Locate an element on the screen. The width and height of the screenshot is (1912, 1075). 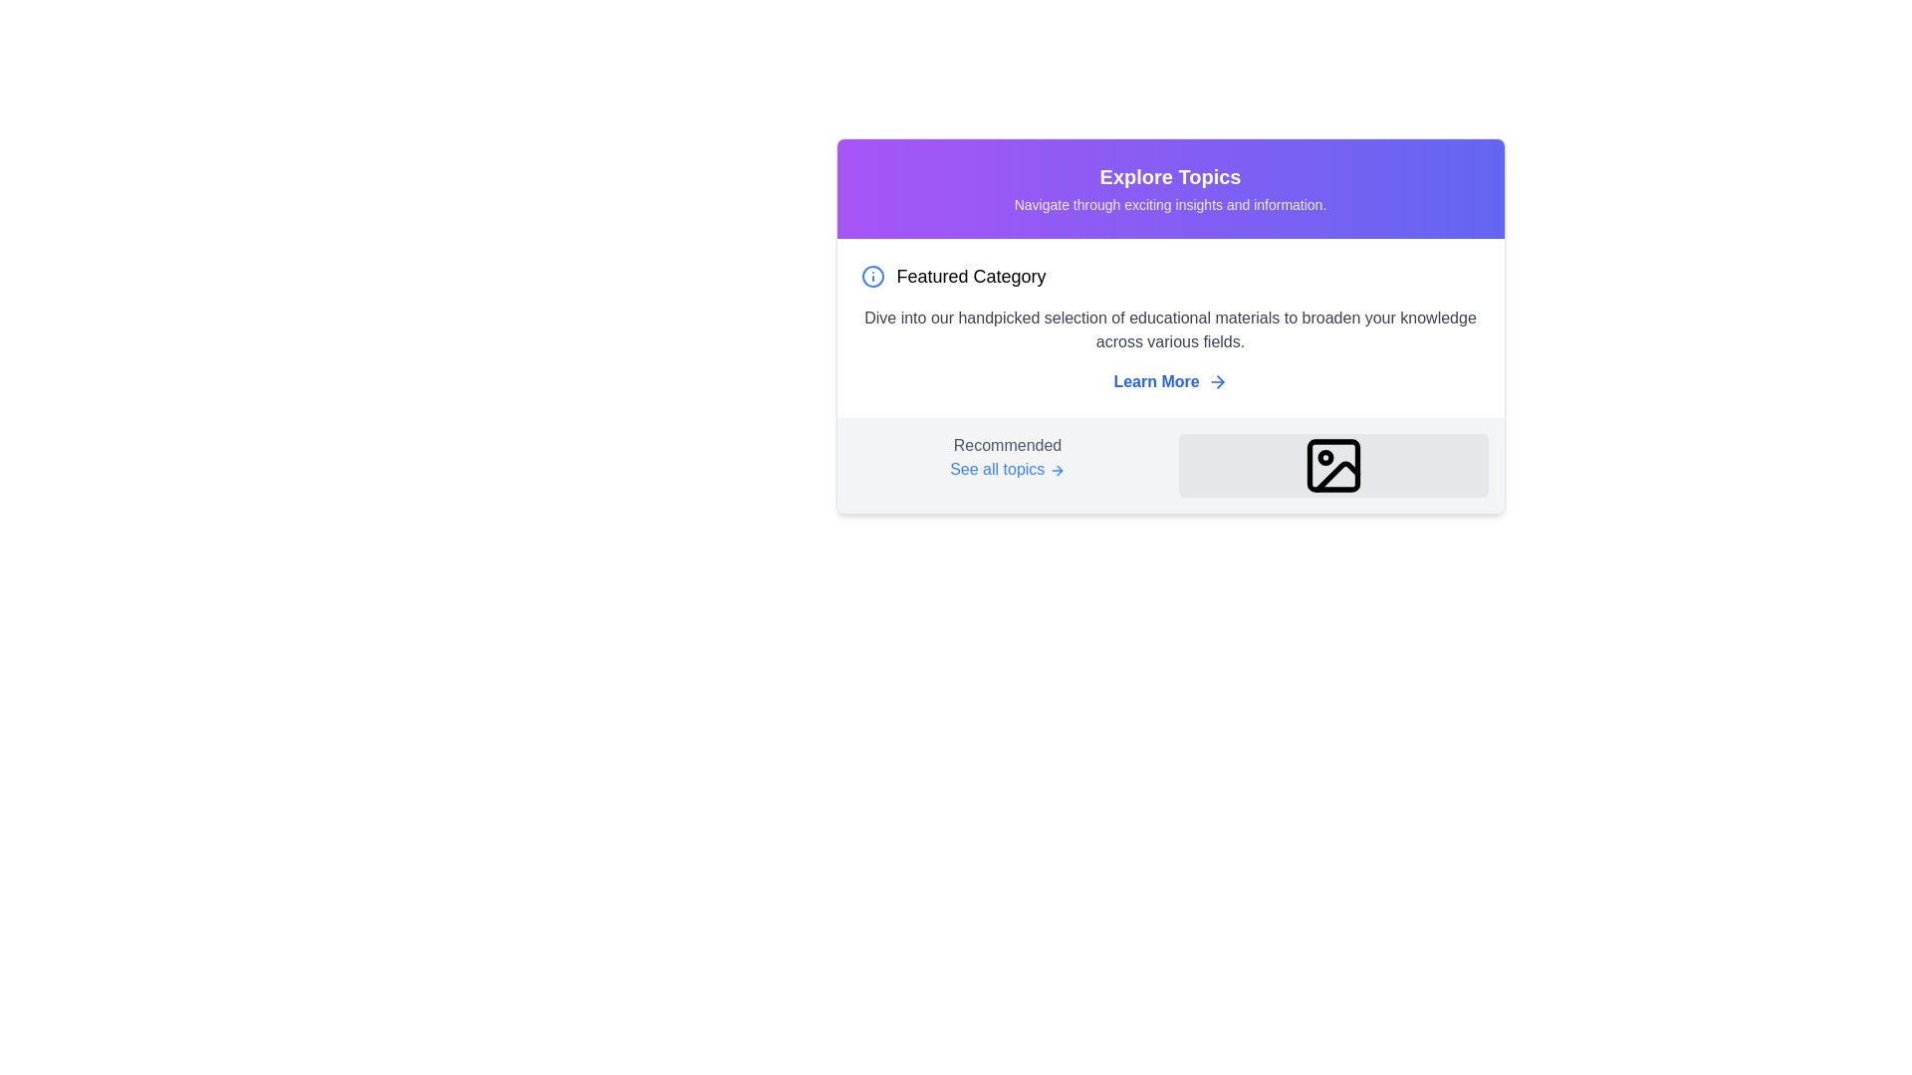
the blue text with an arrow that serves as a title and link for recommending topics is located at coordinates (1008, 465).